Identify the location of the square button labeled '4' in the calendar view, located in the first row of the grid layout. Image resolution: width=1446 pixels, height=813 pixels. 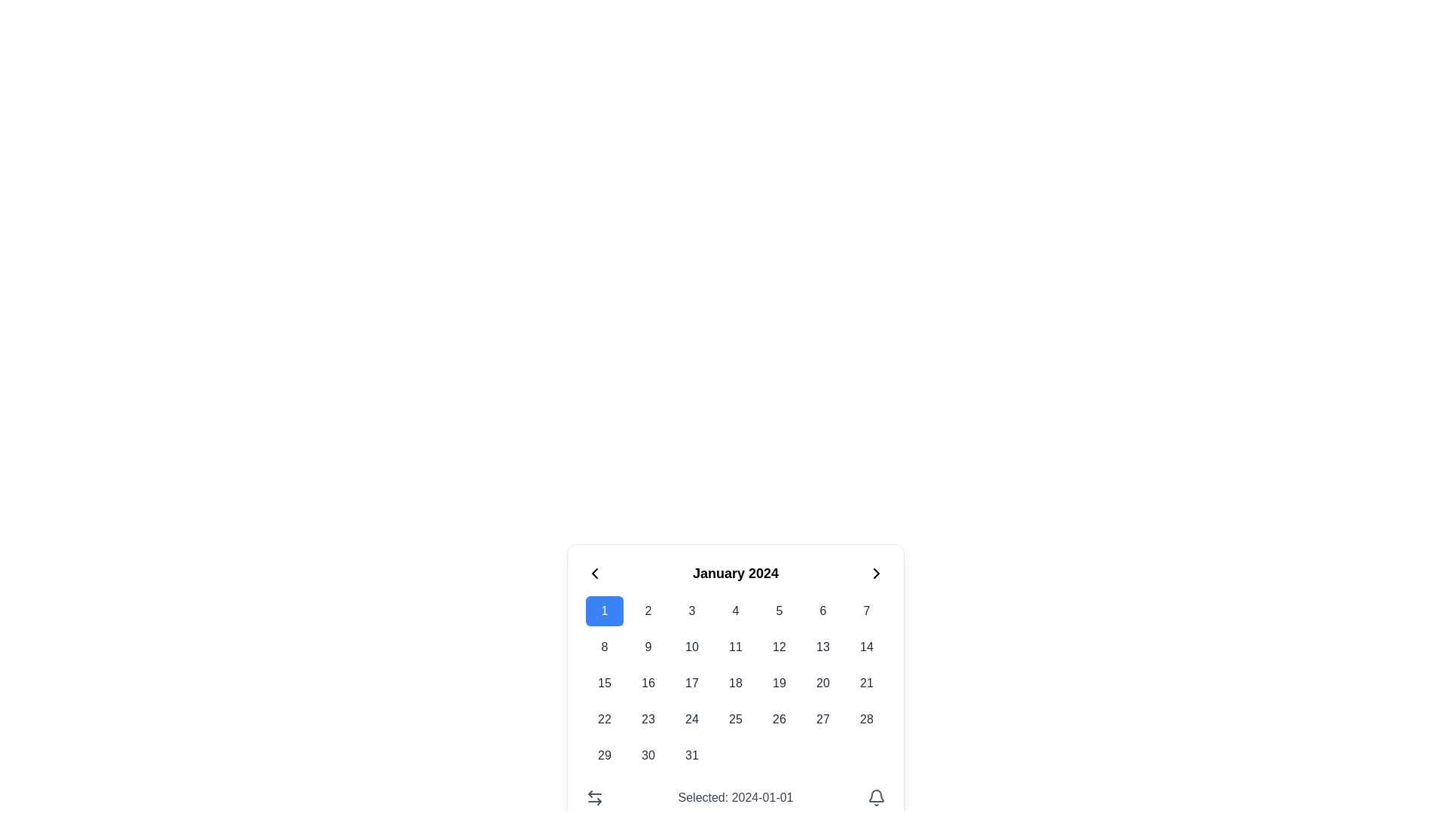
(736, 611).